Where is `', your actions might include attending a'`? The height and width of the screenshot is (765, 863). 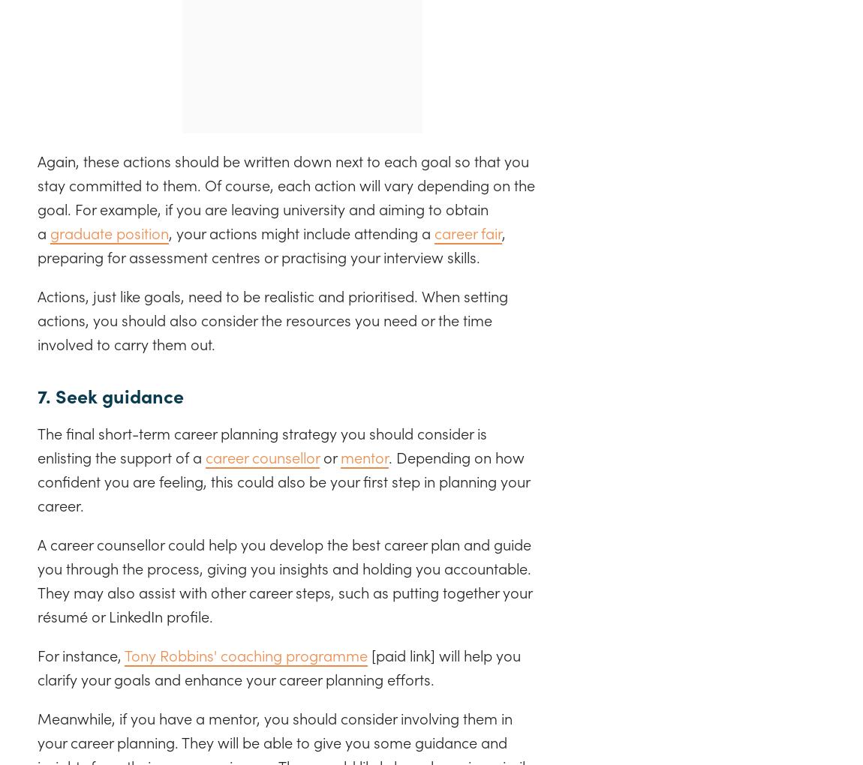 ', your actions might include attending a' is located at coordinates (302, 231).